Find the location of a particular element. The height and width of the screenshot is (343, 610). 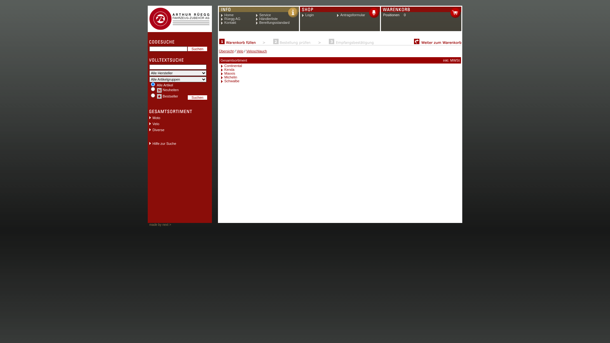

'Hilfe zur Suche' is located at coordinates (175, 144).